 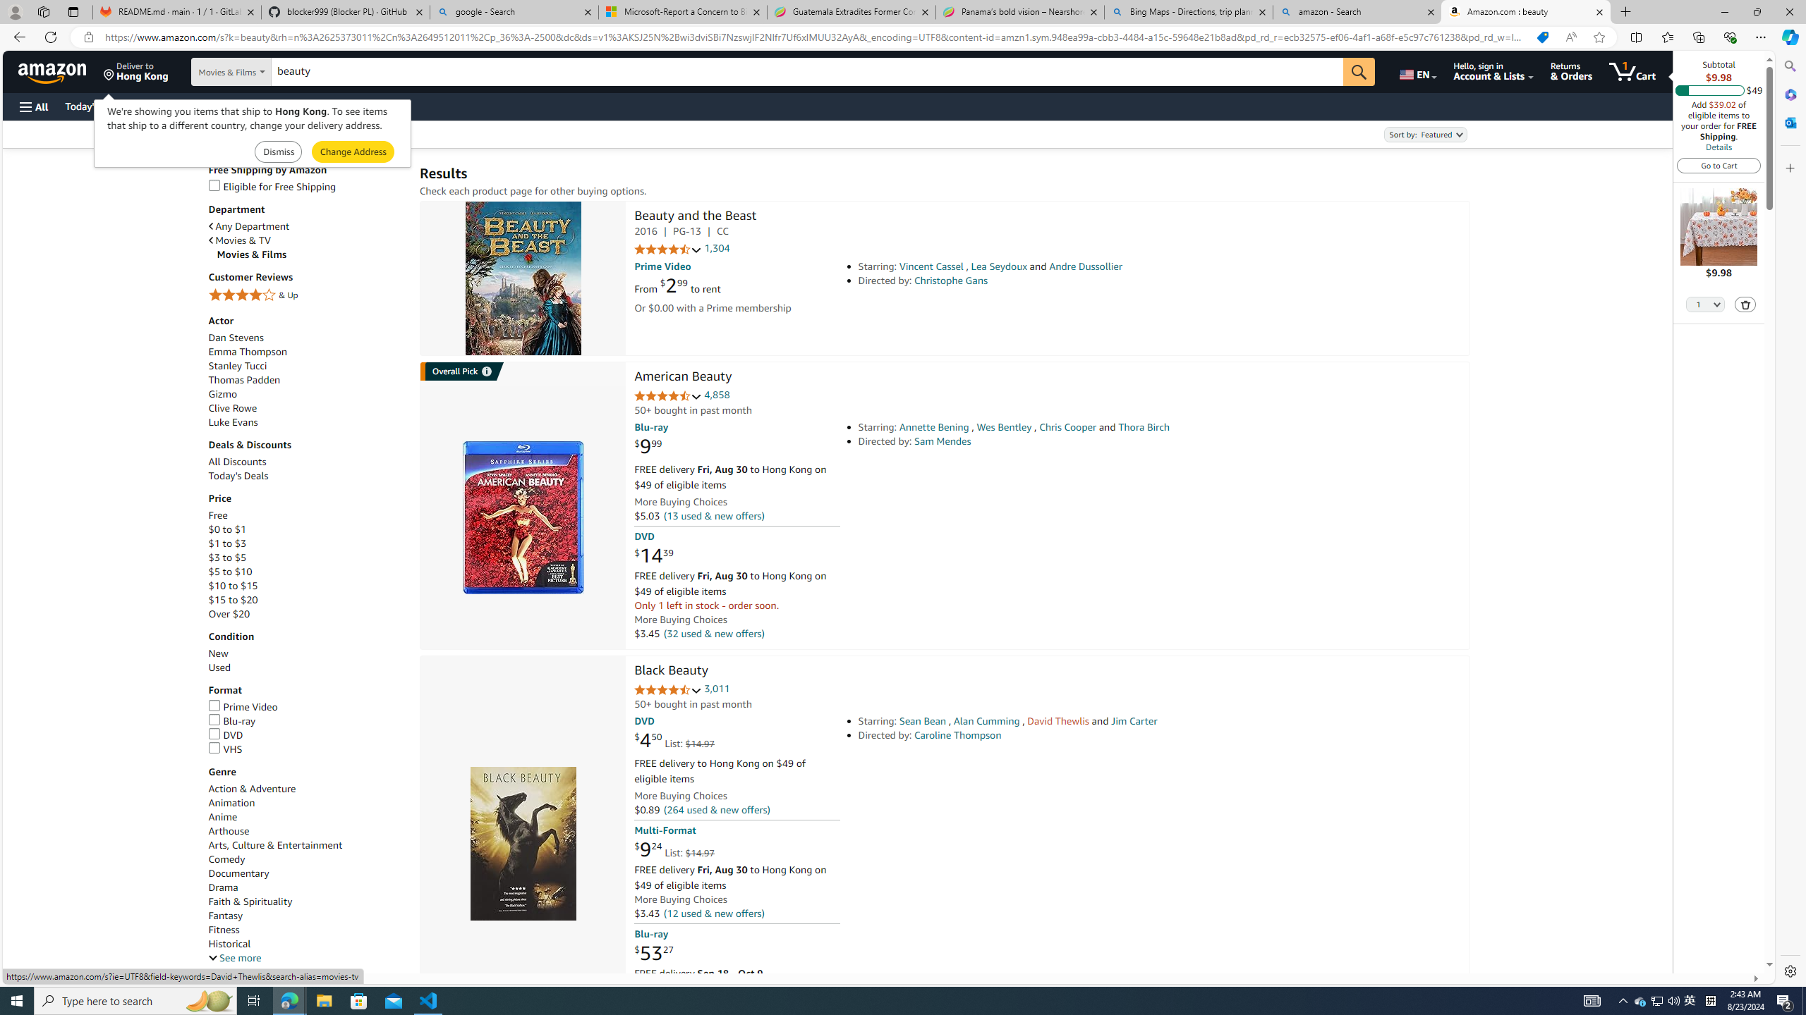 I want to click on 'Go back to filtering menu', so click(x=60, y=966).